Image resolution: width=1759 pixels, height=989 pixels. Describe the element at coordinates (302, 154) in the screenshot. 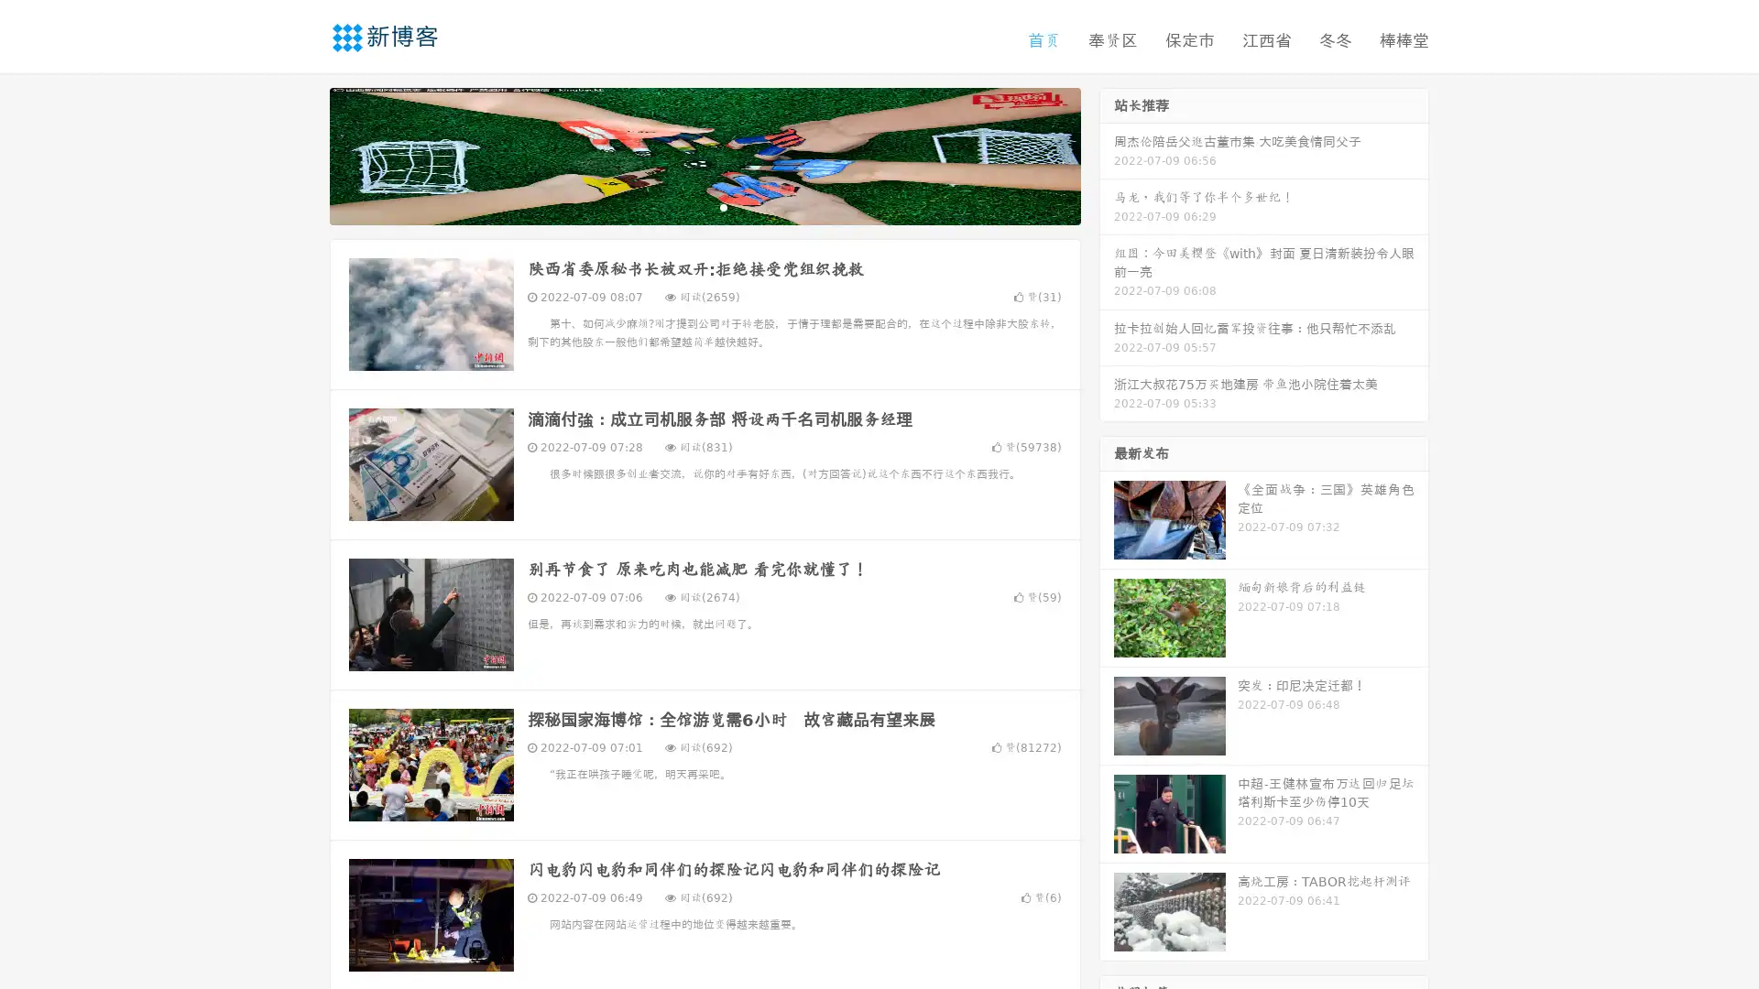

I see `Previous slide` at that location.